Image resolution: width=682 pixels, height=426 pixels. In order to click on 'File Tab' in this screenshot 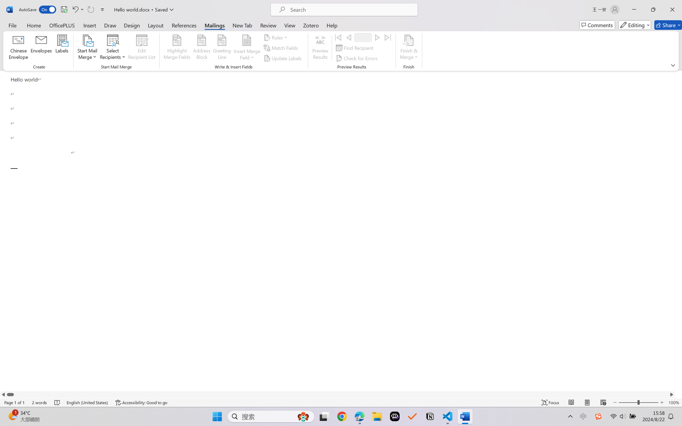, I will do `click(12, 25)`.